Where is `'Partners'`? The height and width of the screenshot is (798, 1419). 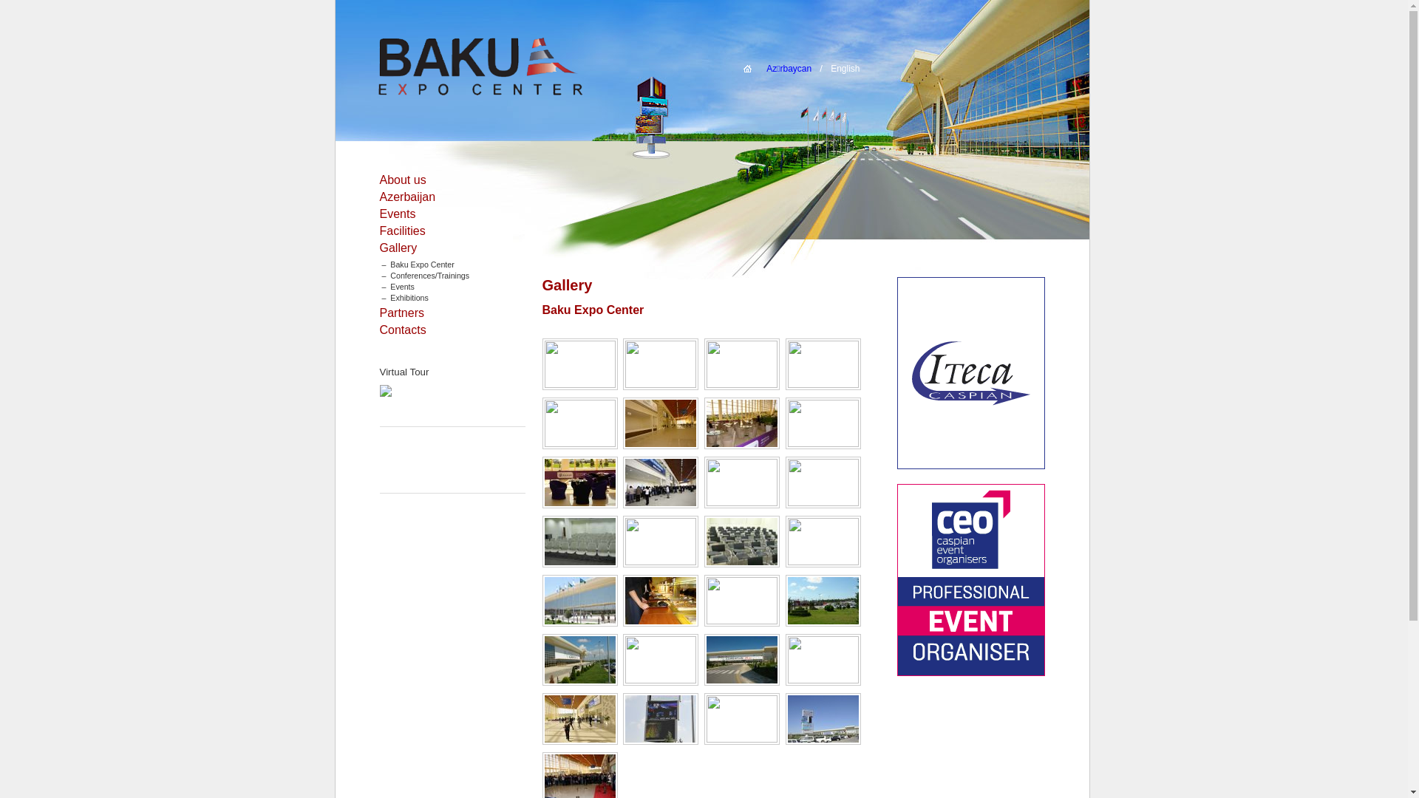 'Partners' is located at coordinates (401, 312).